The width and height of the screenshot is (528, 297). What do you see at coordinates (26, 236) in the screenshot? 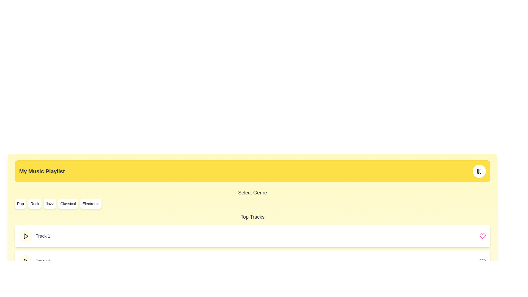
I see `the circular yellow play button with a triangle icon located at the left end of the list item titled 'Track 1'` at bounding box center [26, 236].